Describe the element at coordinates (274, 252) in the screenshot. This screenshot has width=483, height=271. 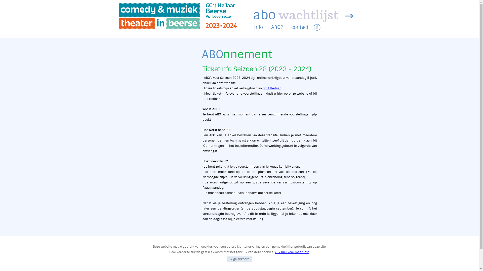
I see `'klik hier voor meer info'` at that location.